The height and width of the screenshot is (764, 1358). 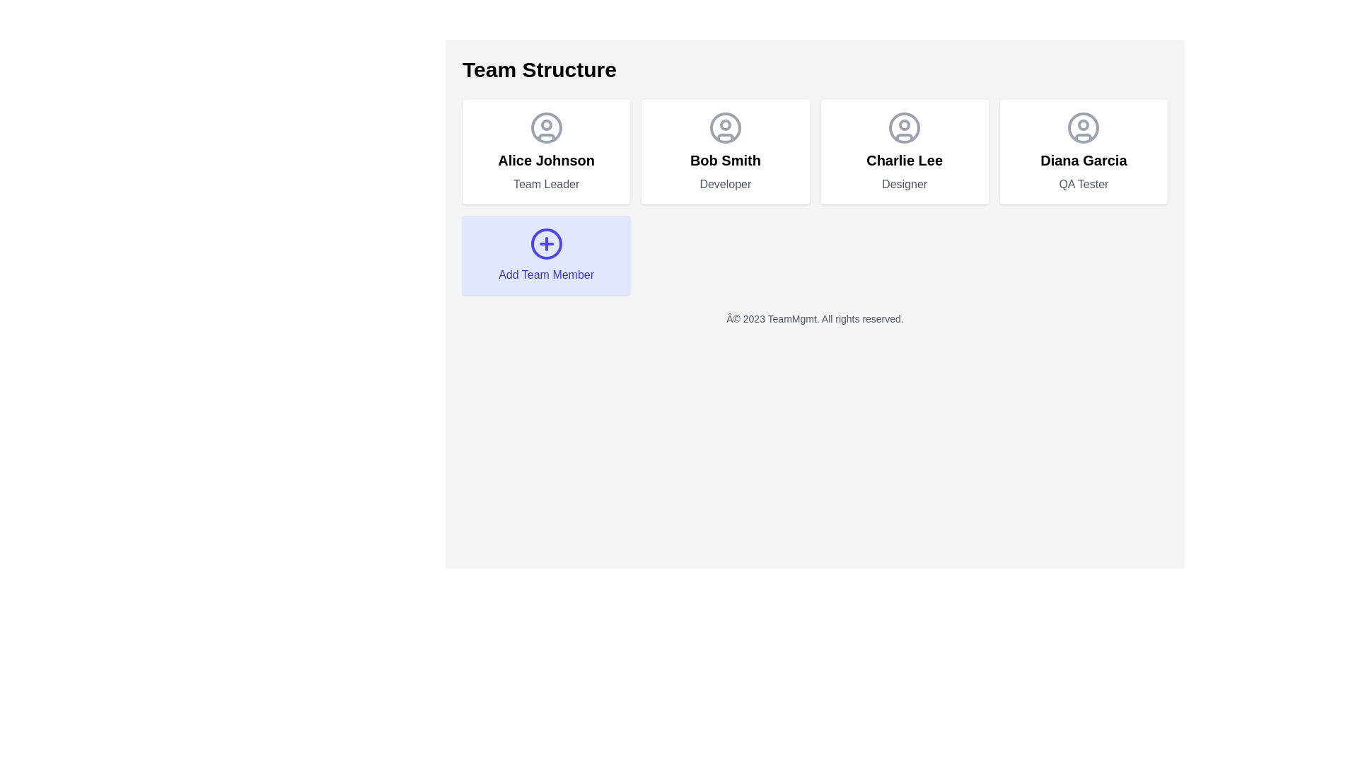 I want to click on the 'Add Team Member' button, which is the fifth card in a horizontal list, featuring a blue plus icon and the text 'Add Team Member' below it, so click(x=545, y=255).